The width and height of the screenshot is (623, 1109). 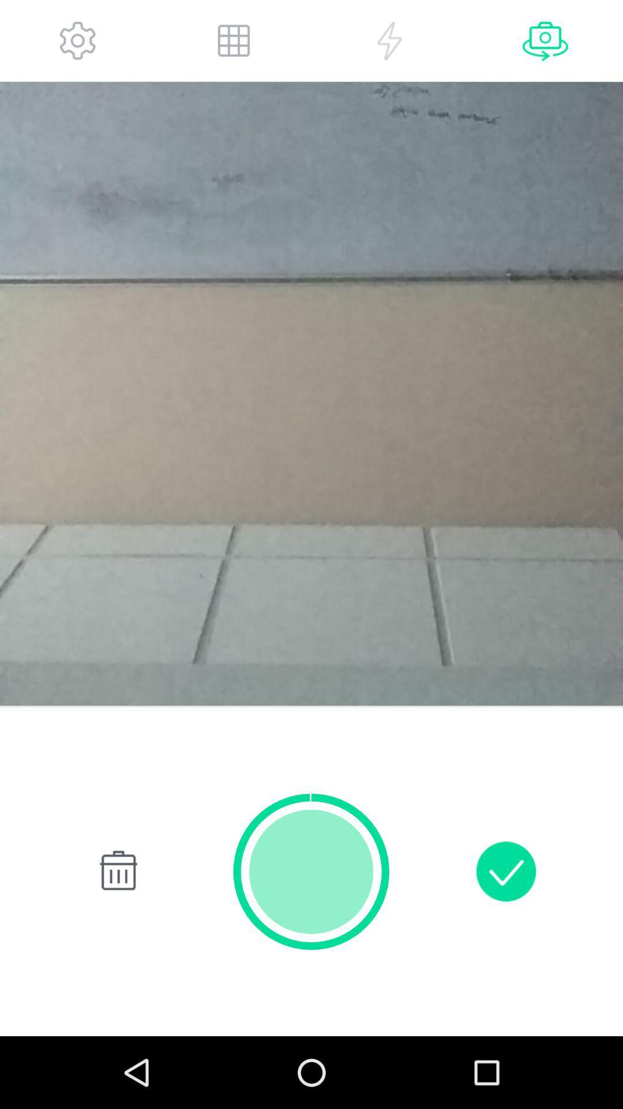 I want to click on settings, so click(x=78, y=40).